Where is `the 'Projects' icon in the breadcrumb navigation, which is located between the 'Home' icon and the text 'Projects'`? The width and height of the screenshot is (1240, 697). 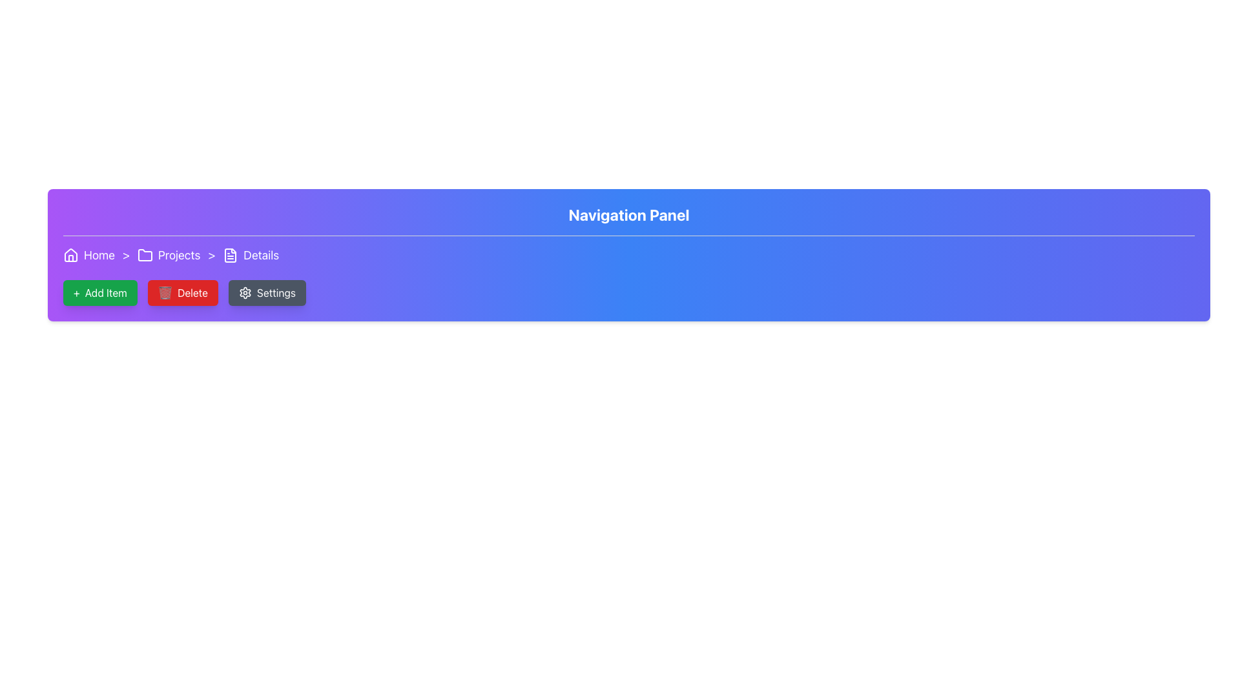 the 'Projects' icon in the breadcrumb navigation, which is located between the 'Home' icon and the text 'Projects' is located at coordinates (145, 256).